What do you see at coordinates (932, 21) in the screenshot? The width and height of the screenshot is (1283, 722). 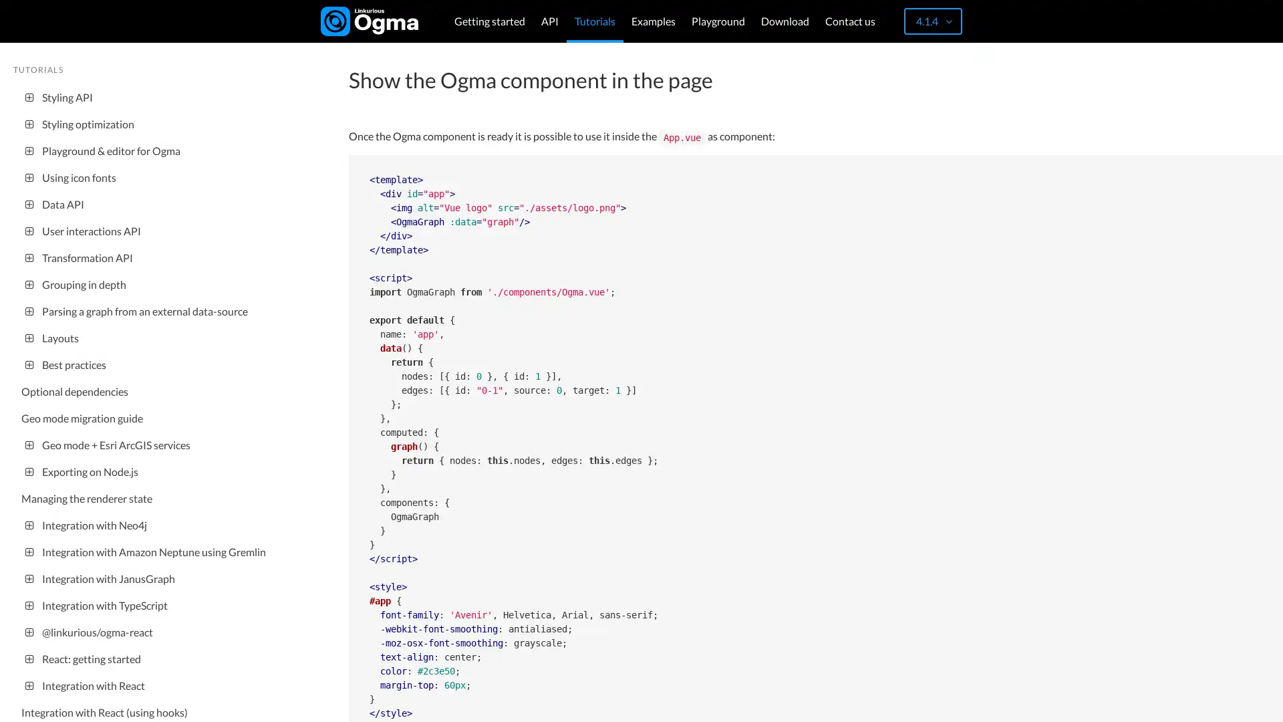 I see `4.1.4` at bounding box center [932, 21].